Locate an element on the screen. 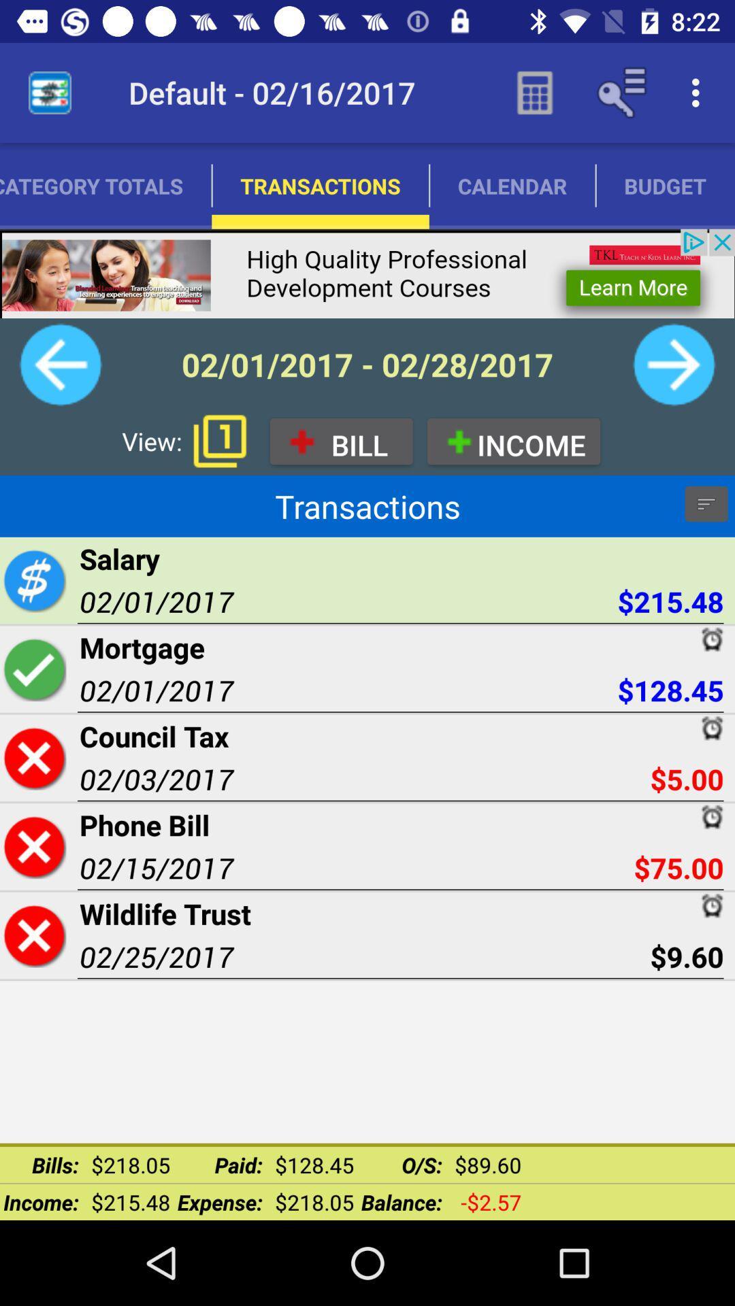 The height and width of the screenshot is (1306, 735). back is located at coordinates (60, 365).